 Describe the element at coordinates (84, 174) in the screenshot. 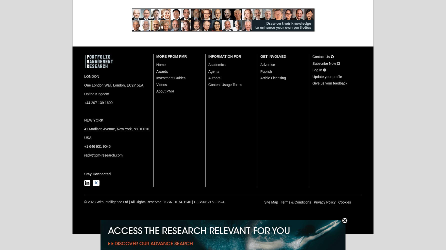

I see `'Stay Connected'` at that location.